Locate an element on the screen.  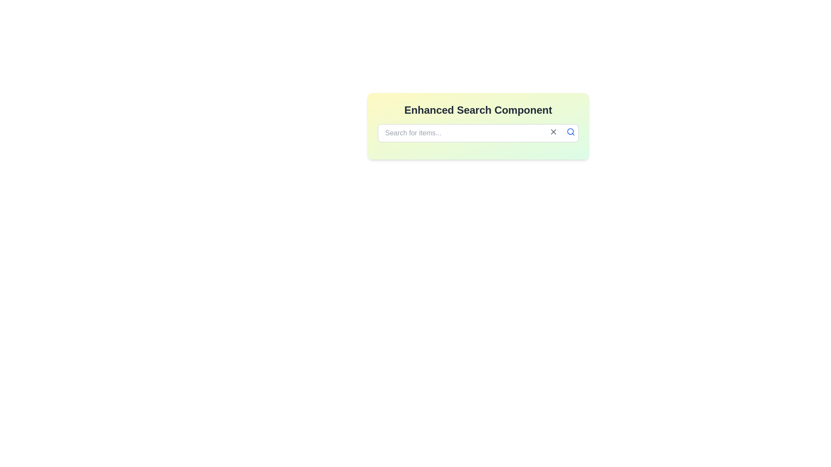
the blue search icon styled as a magnifying glass located at the top right corner of the search bar is located at coordinates (571, 131).